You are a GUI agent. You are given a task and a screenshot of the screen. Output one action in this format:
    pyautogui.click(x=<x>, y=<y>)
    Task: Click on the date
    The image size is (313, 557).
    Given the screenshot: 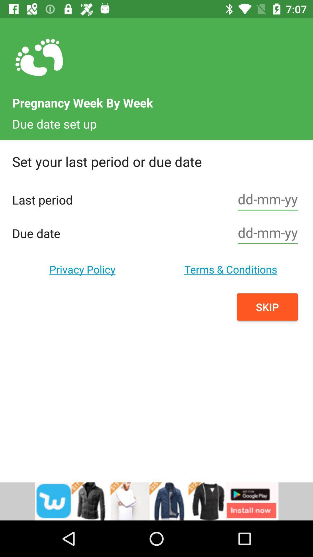 What is the action you would take?
    pyautogui.click(x=268, y=200)
    